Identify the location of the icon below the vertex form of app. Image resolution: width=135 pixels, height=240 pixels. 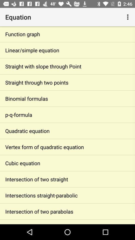
(67, 163).